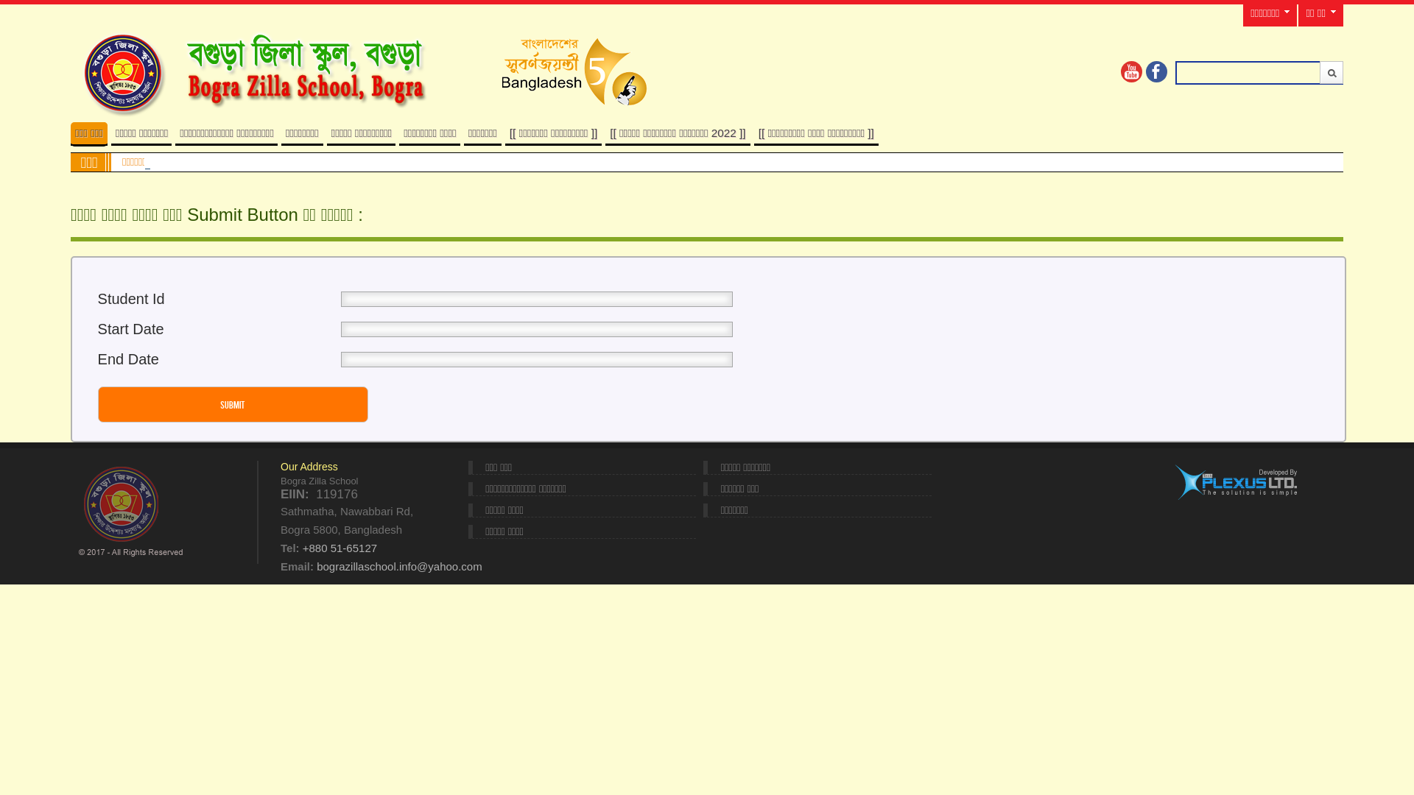  What do you see at coordinates (1319, 72) in the screenshot?
I see `'Submit'` at bounding box center [1319, 72].